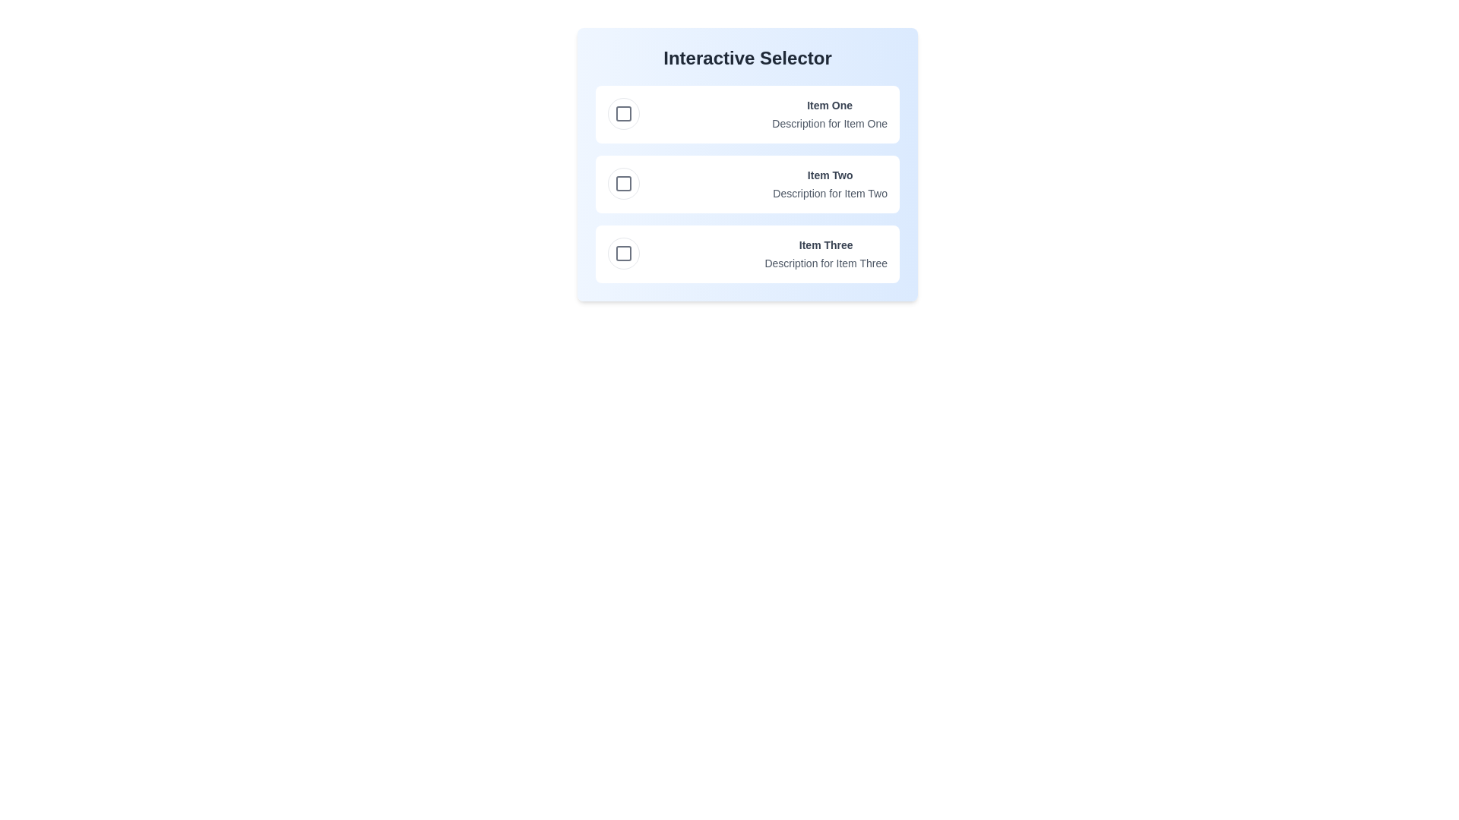  Describe the element at coordinates (623, 253) in the screenshot. I see `the interactive button located on the left side of the 'Item Three' text` at that location.